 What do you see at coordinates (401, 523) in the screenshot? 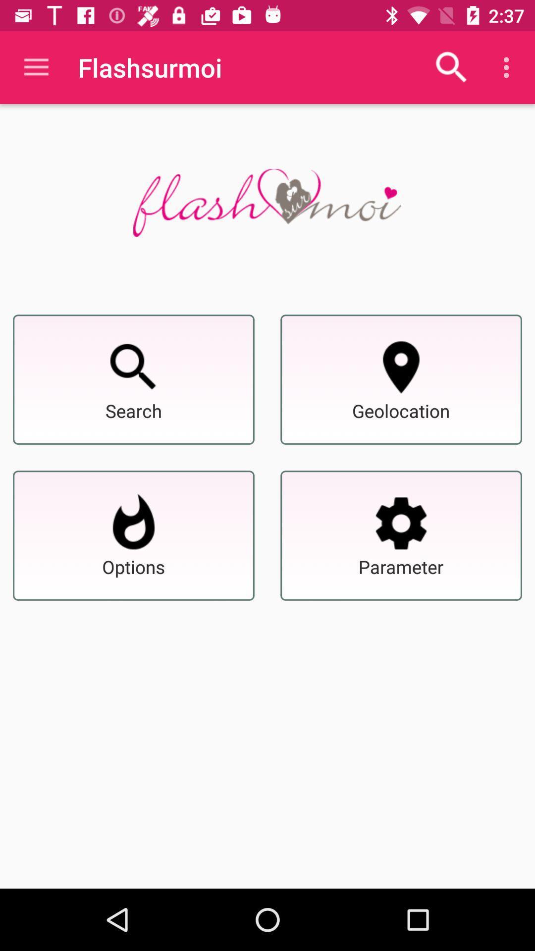
I see `the settings icon` at bounding box center [401, 523].